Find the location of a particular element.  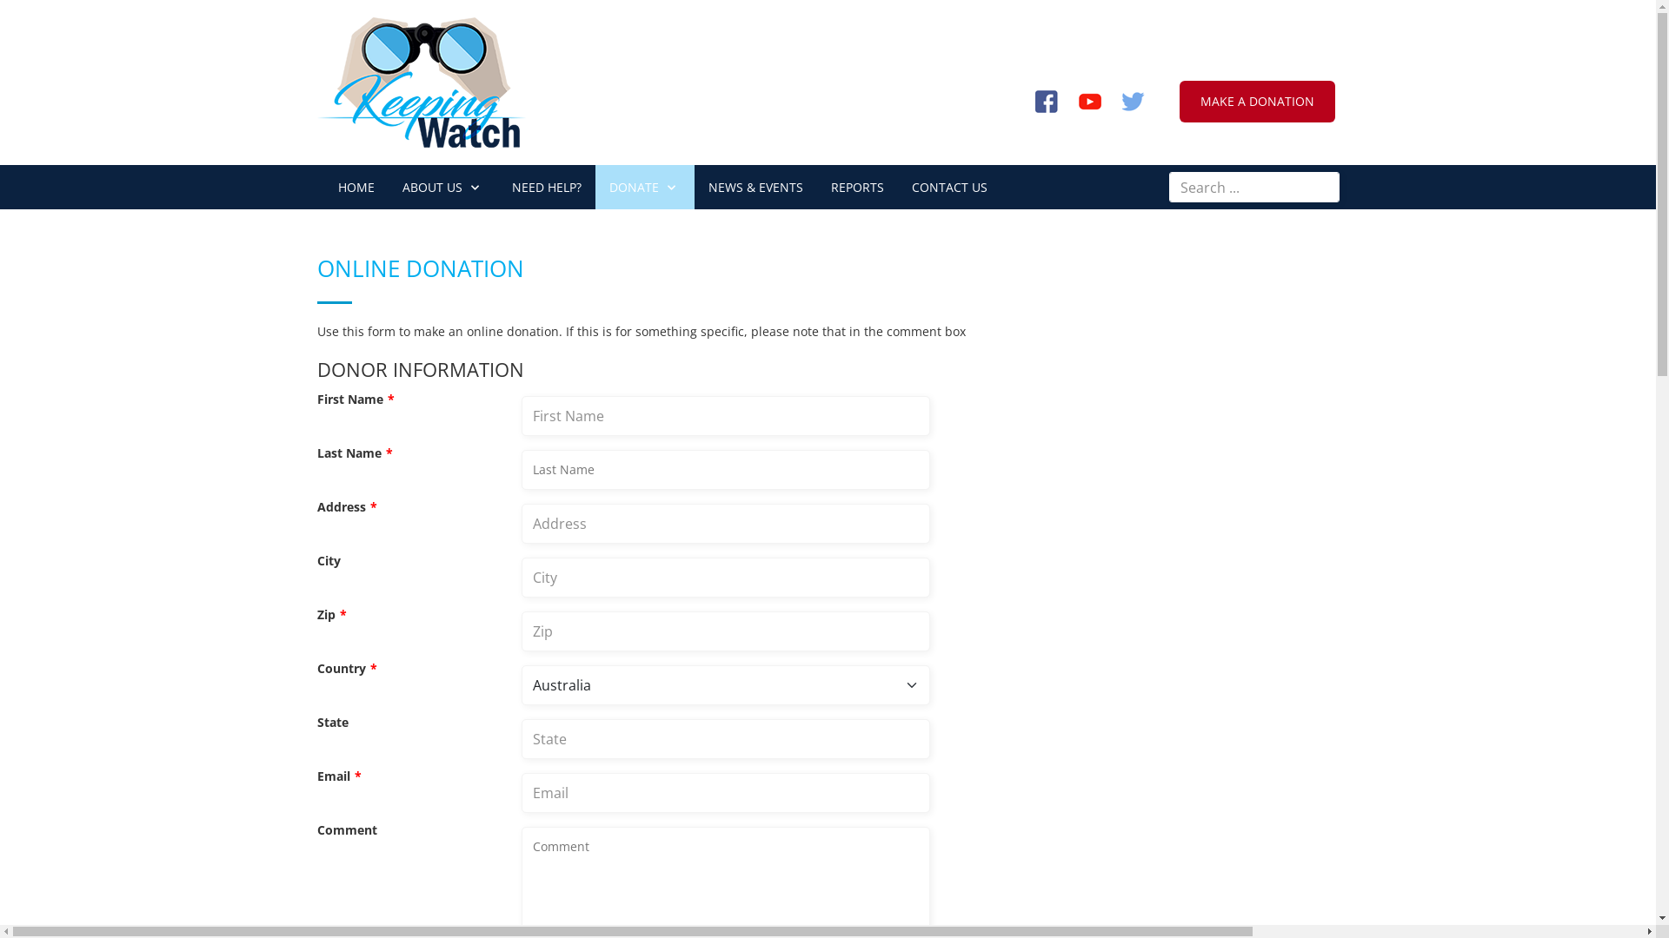

'MAKE A DONATION' is located at coordinates (1256, 101).